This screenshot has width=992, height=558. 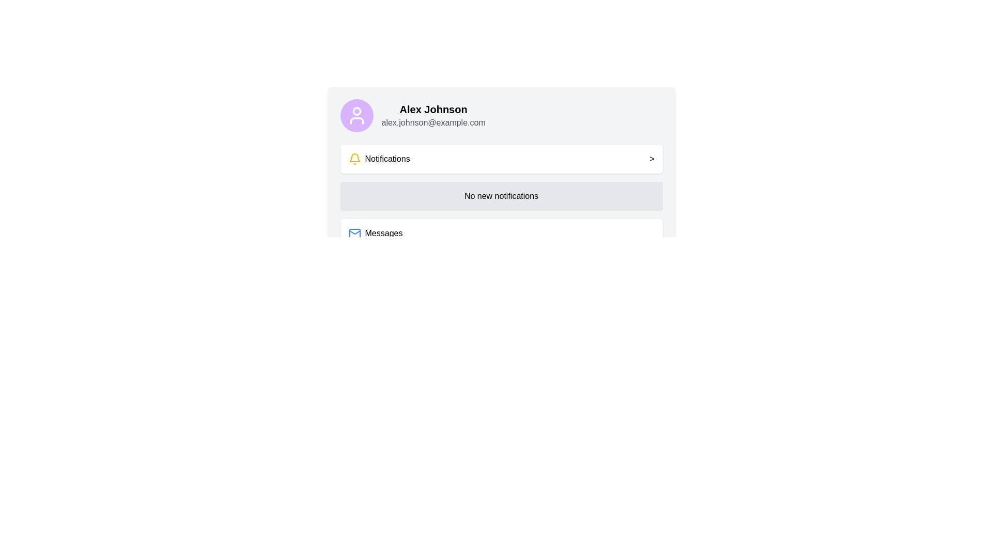 What do you see at coordinates (383, 233) in the screenshot?
I see `the 'Messages' text label, which is displayed in a bold sans-serif font beside a blue mail icon` at bounding box center [383, 233].